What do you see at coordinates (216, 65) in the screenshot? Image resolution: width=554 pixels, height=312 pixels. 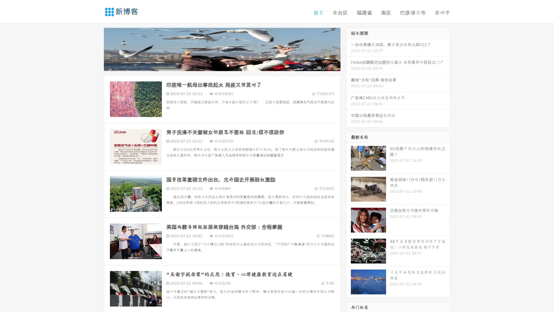 I see `Go to slide 1` at bounding box center [216, 65].